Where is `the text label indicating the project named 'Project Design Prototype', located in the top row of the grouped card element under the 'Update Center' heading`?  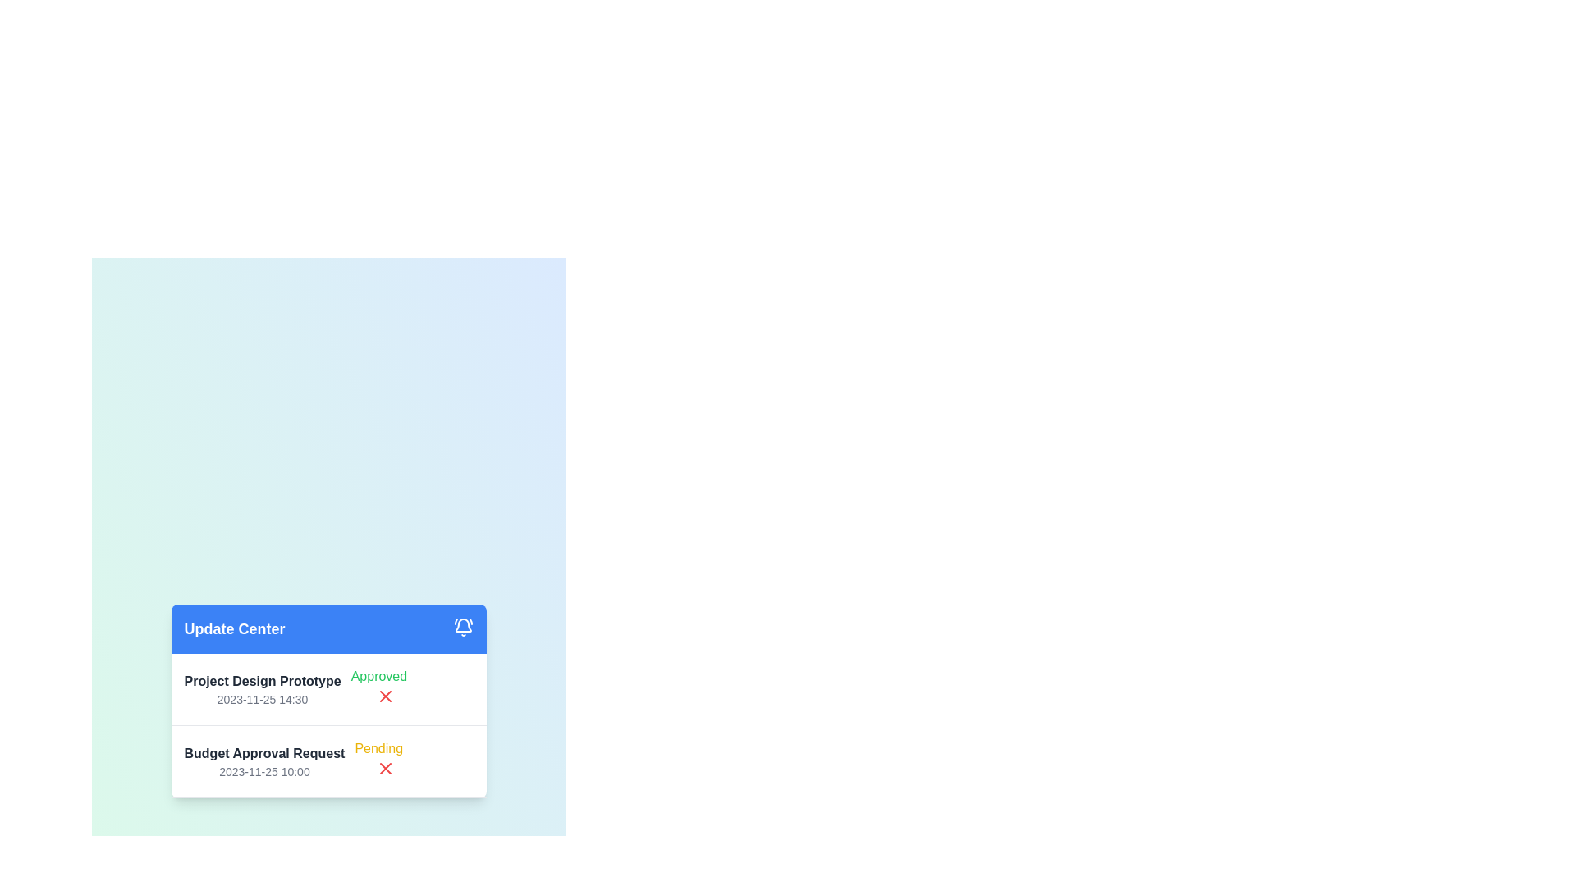
the text label indicating the project named 'Project Design Prototype', located in the top row of the grouped card element under the 'Update Center' heading is located at coordinates (263, 681).